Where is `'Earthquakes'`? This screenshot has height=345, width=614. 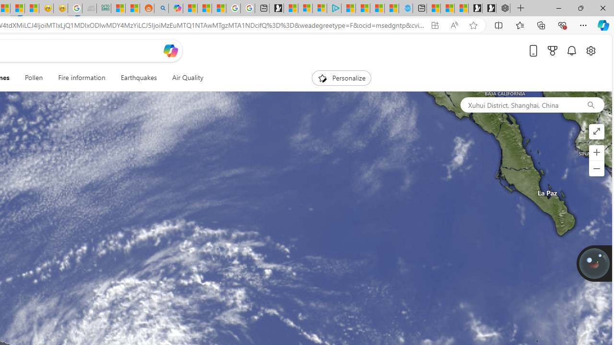
'Earthquakes' is located at coordinates (138, 78).